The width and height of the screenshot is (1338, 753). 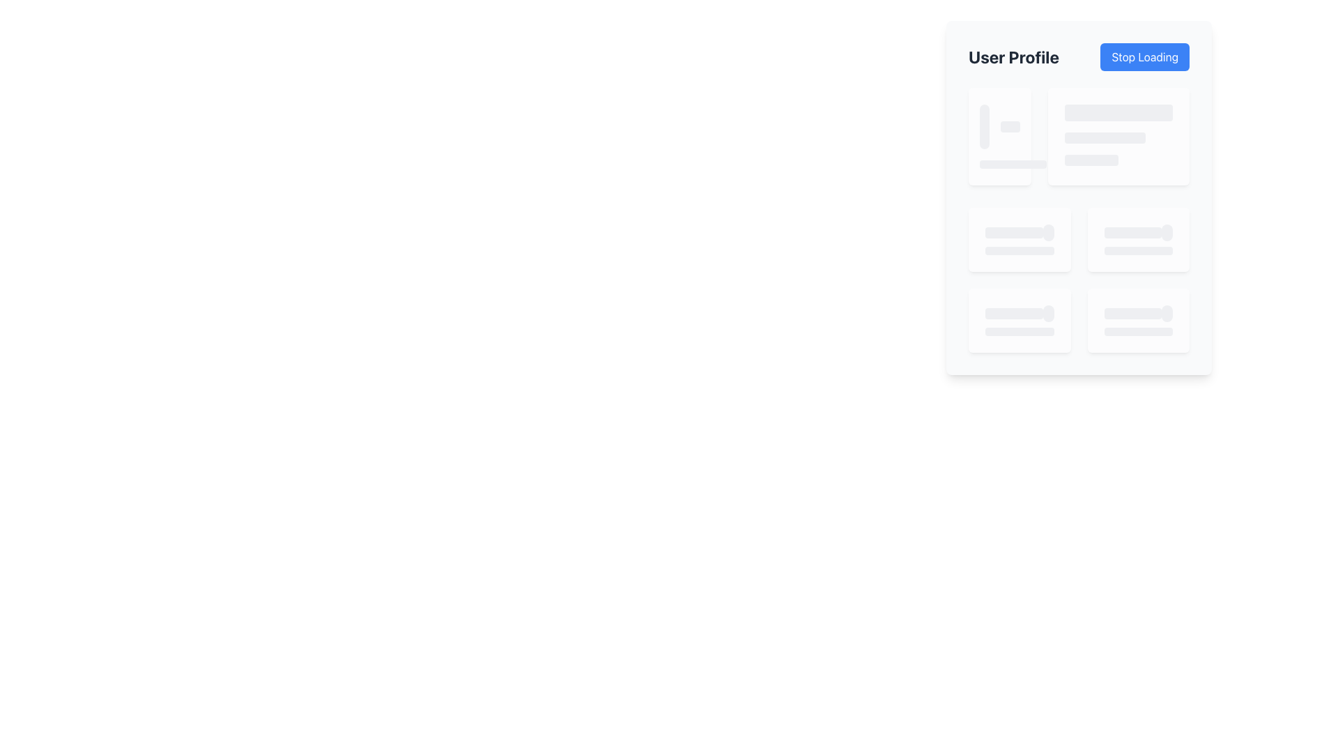 I want to click on the static placeholder bar with rounded corners and light gray background, positioned in the middle of a vertically stacked group of bars, so click(x=1104, y=137).